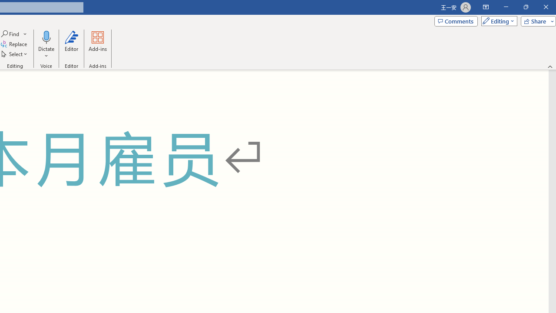 The image size is (556, 313). Describe the element at coordinates (545, 7) in the screenshot. I see `'Close'` at that location.